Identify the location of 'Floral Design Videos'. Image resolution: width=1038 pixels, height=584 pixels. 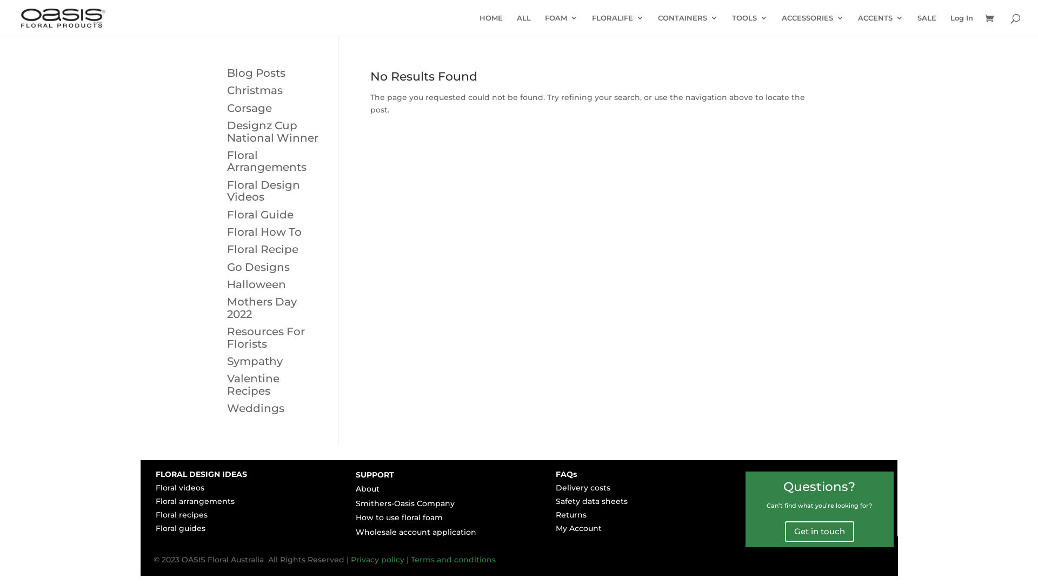
(263, 190).